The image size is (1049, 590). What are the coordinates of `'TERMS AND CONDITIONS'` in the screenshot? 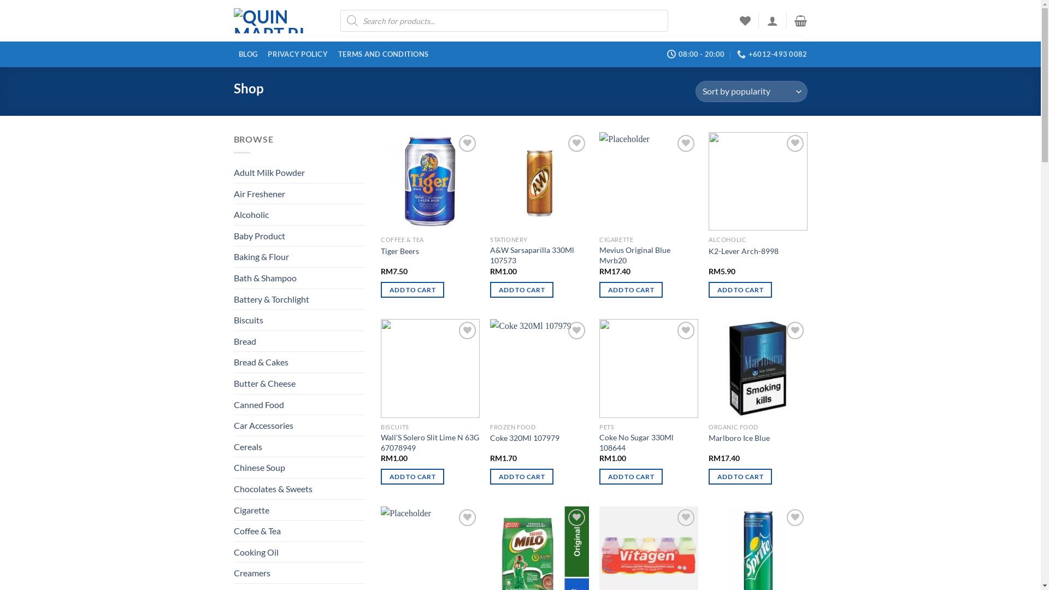 It's located at (383, 54).